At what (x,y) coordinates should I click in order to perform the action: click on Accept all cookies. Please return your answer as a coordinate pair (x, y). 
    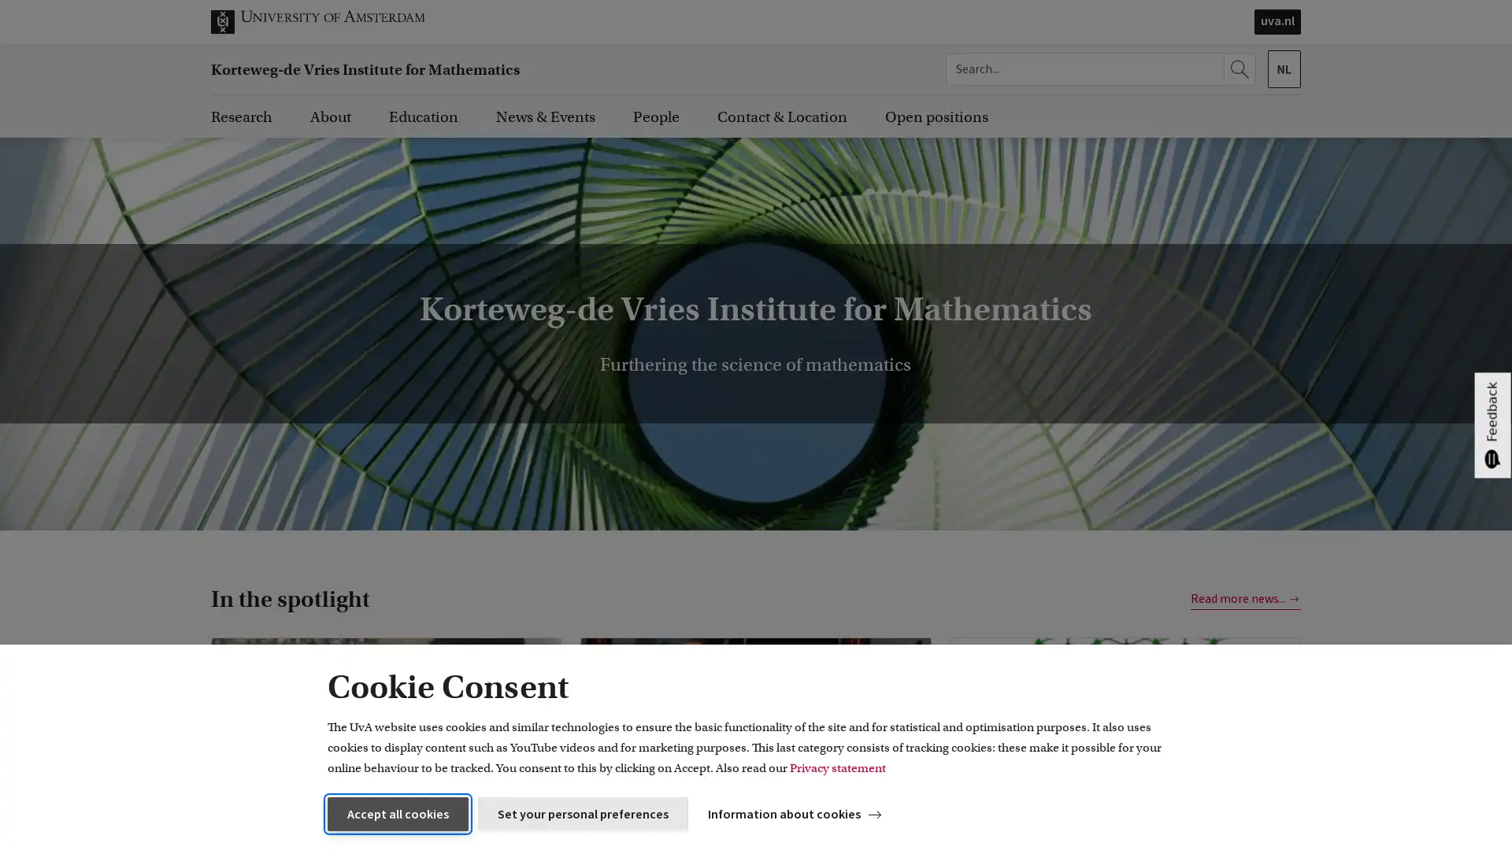
    Looking at the image, I should click on (398, 814).